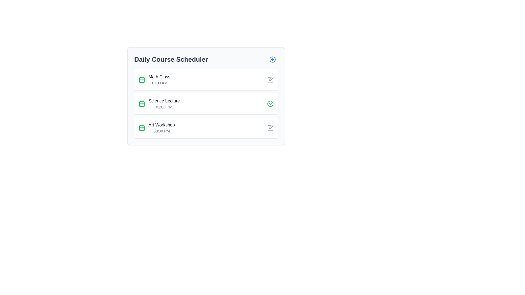 The height and width of the screenshot is (295, 525). I want to click on the 'Add' button located at the top-right corner of the 'Daily Course Scheduler' box, so click(273, 60).